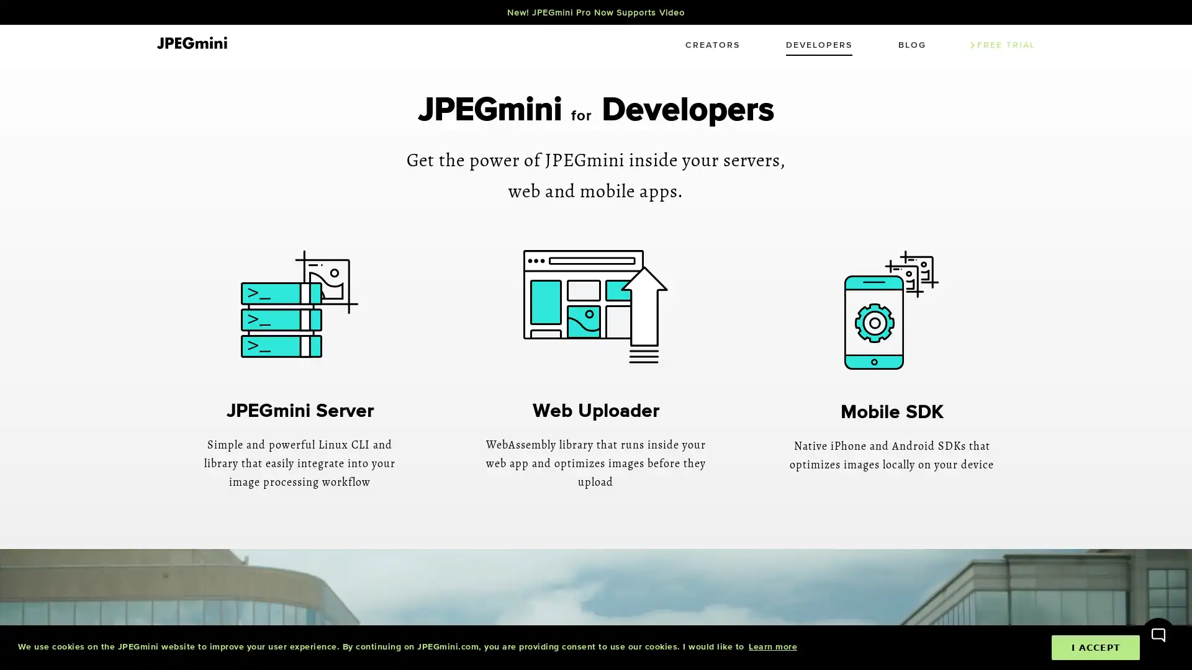 The height and width of the screenshot is (670, 1192). What do you see at coordinates (772, 646) in the screenshot?
I see `learn more about cookies` at bounding box center [772, 646].